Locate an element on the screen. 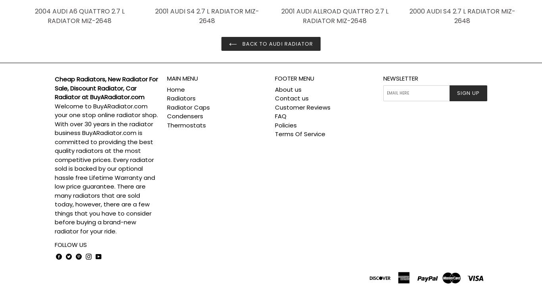 The height and width of the screenshot is (291, 542). 'Contact us' is located at coordinates (292, 98).